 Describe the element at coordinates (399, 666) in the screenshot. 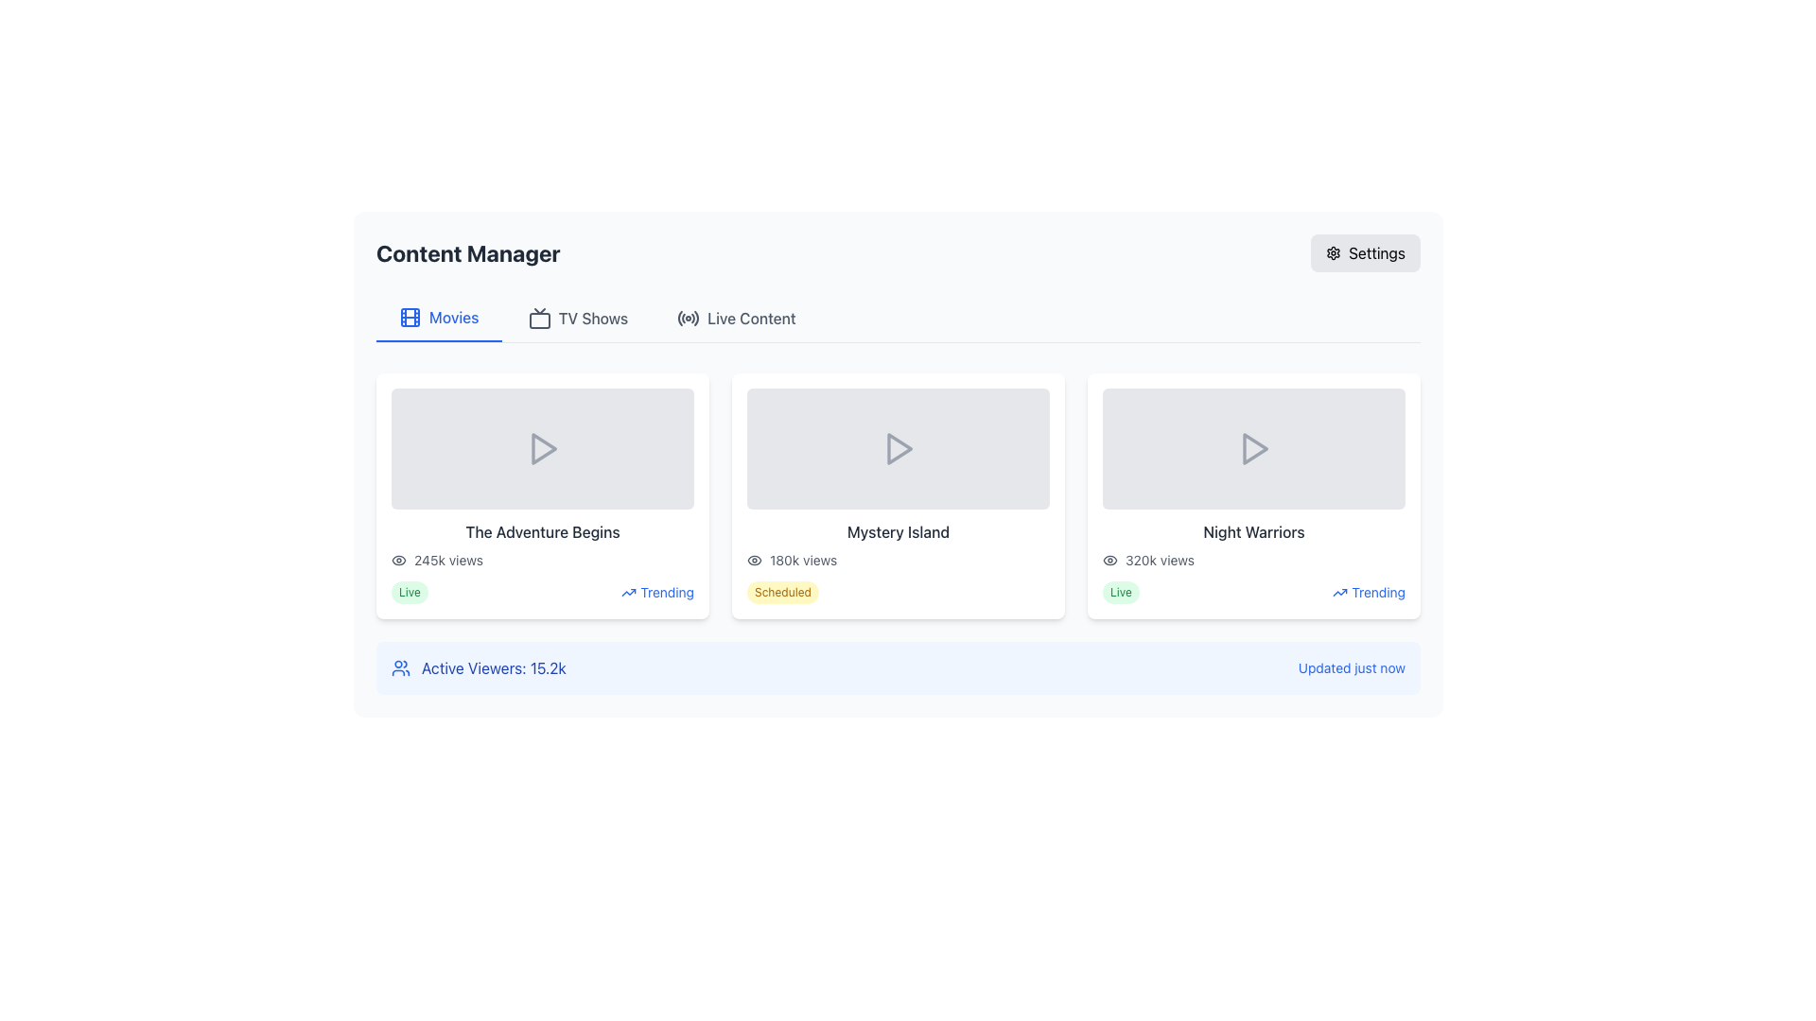

I see `the viewer icon located to the left of the 'Active Viewers: 15.2k' label` at that location.